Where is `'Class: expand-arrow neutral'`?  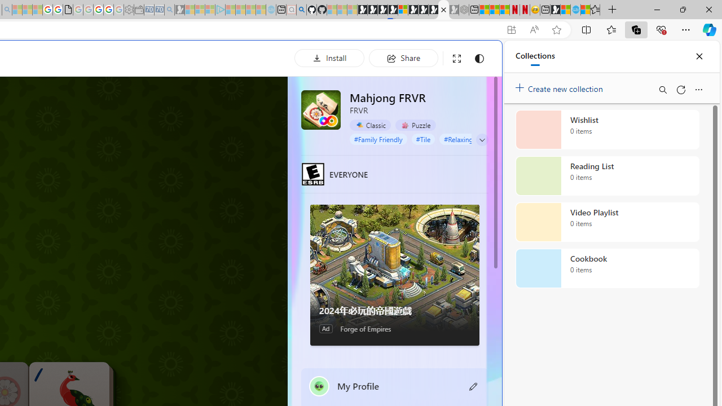 'Class: expand-arrow neutral' is located at coordinates (482, 139).